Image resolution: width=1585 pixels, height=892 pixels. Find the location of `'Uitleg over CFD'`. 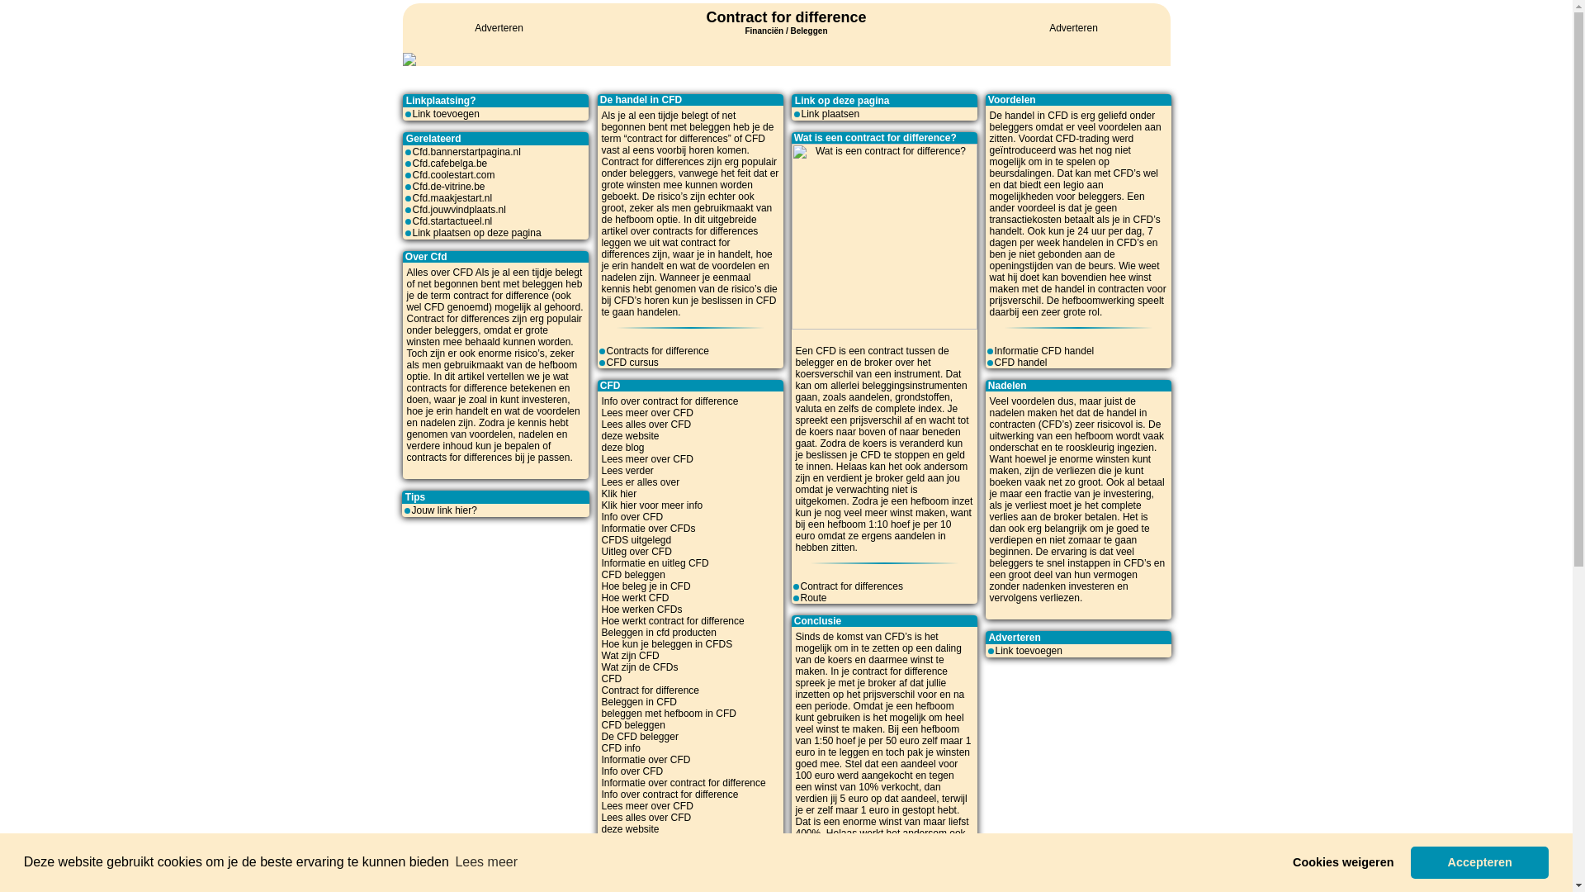

'Uitleg over CFD' is located at coordinates (635, 551).